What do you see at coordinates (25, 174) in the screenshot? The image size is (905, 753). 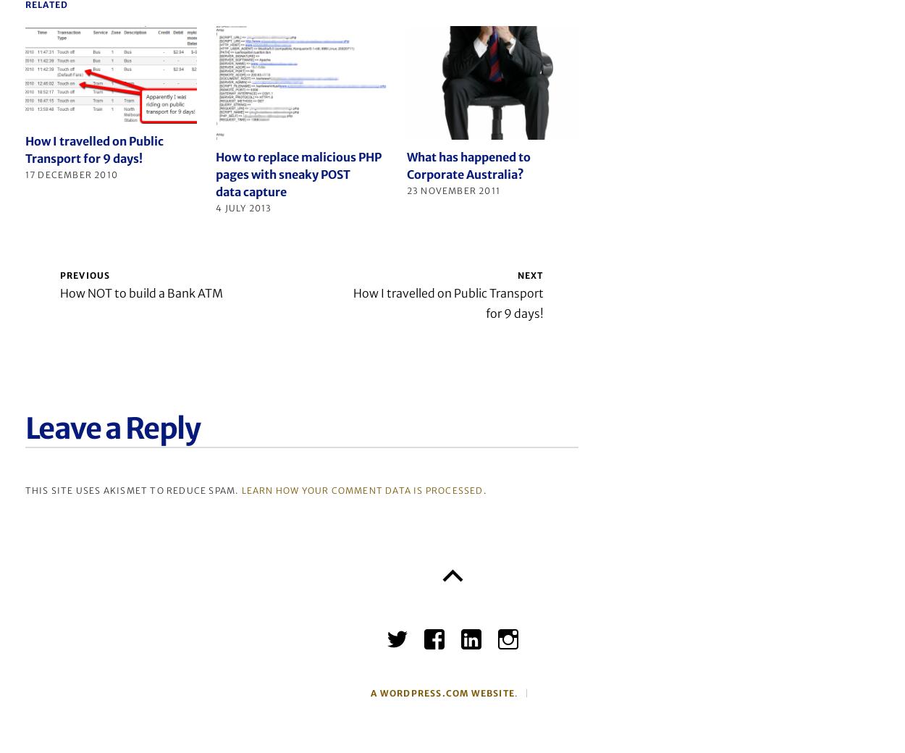 I see `'17 December 2010'` at bounding box center [25, 174].